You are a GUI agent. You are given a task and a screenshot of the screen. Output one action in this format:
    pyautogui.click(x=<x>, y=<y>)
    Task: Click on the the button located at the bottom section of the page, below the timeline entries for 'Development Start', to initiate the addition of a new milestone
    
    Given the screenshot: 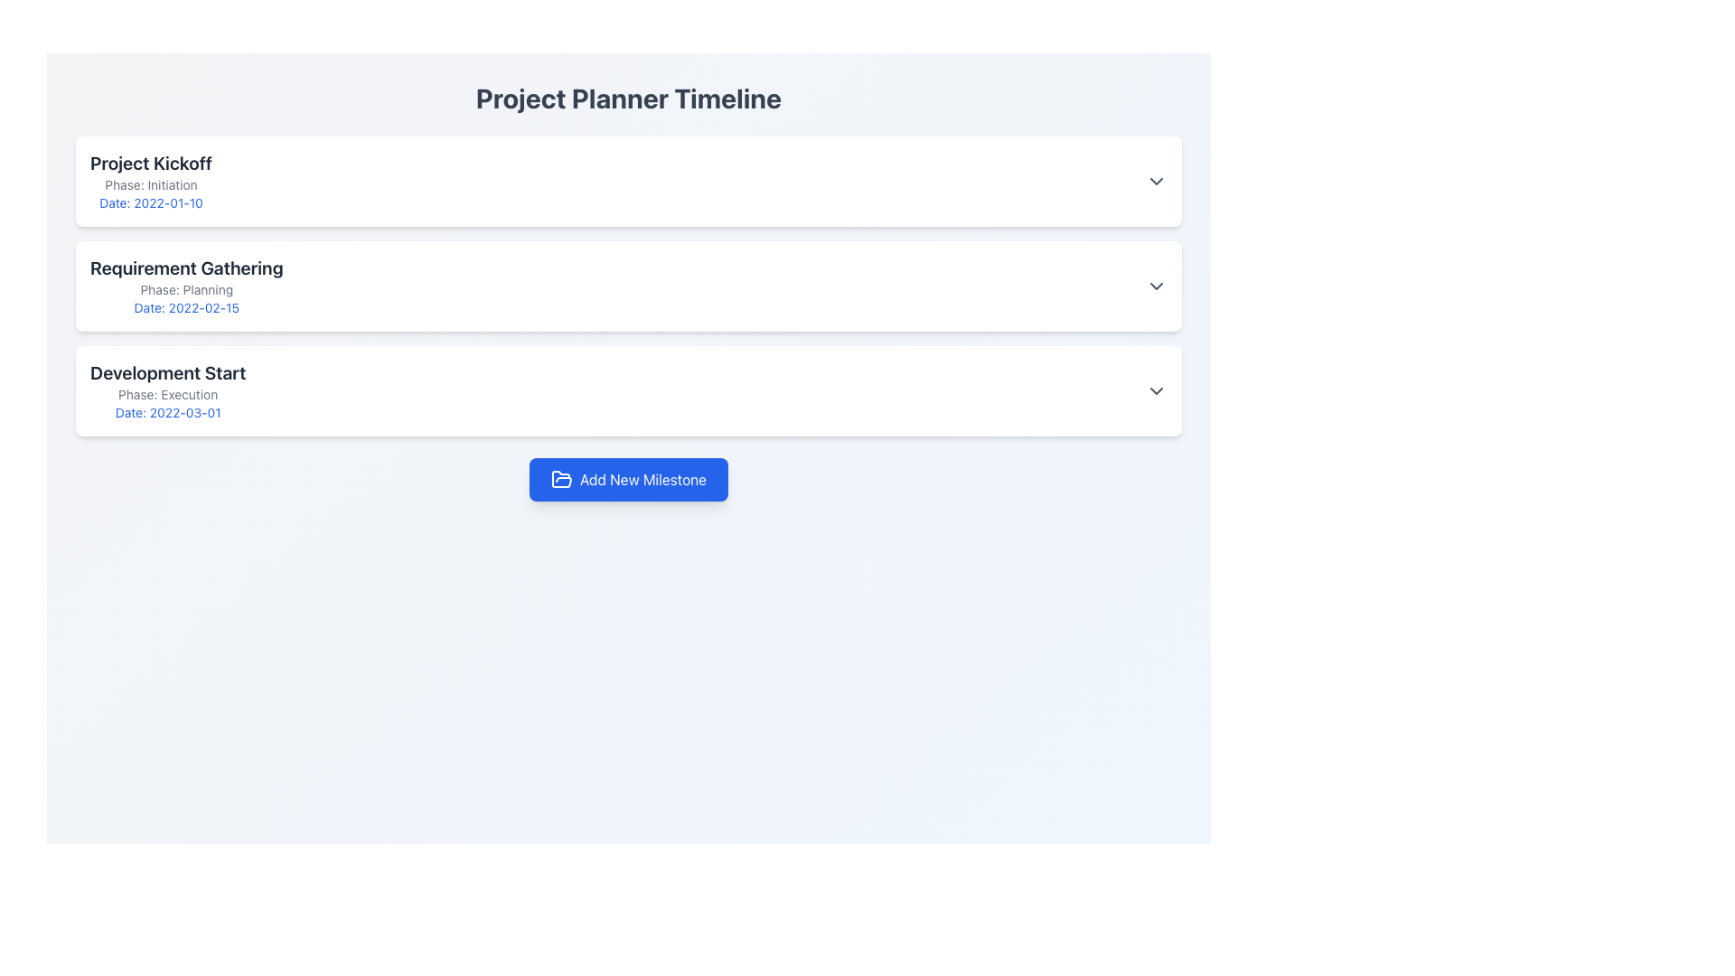 What is the action you would take?
    pyautogui.click(x=629, y=479)
    